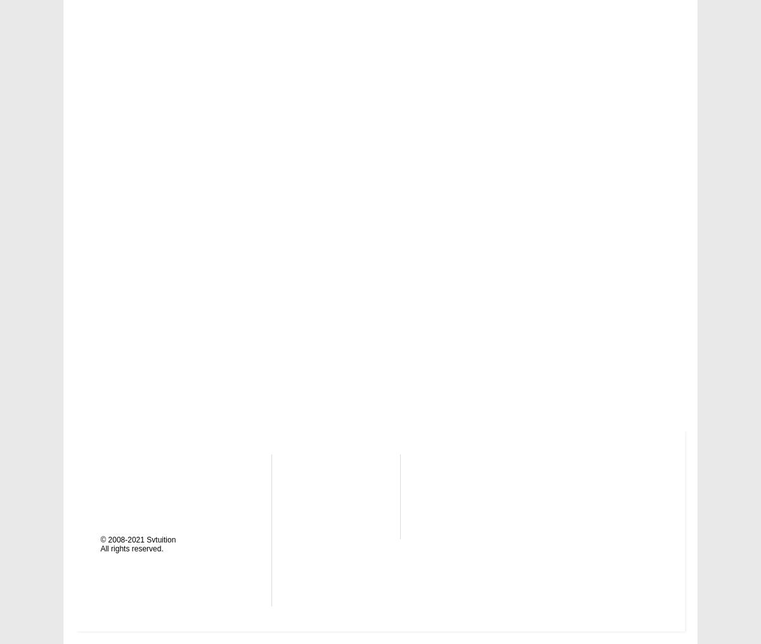  I want to click on 'Finance', so click(462, 474).